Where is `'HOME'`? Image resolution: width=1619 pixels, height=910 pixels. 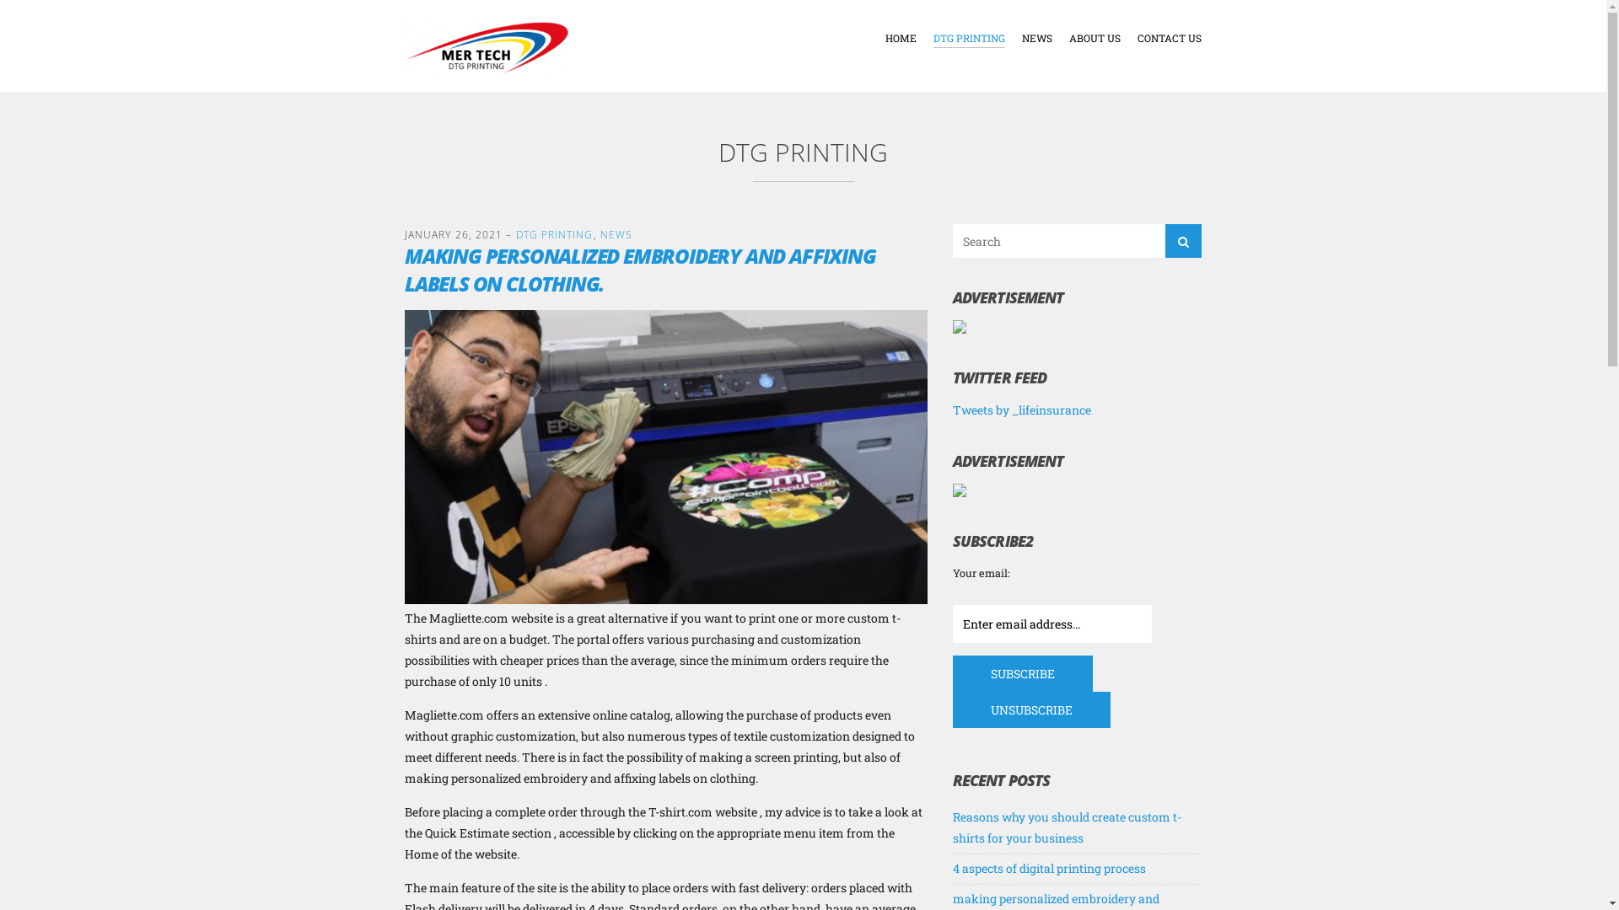
'HOME' is located at coordinates (900, 38).